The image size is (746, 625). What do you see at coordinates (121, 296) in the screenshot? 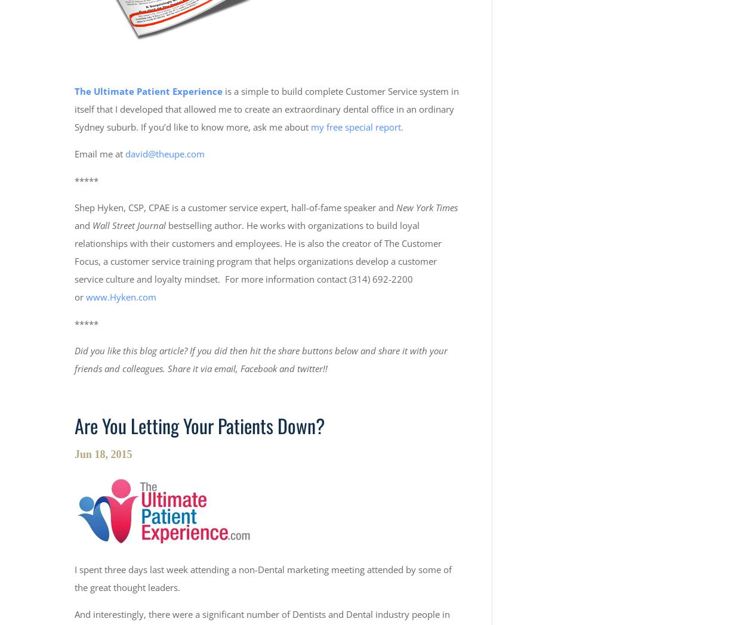
I see `'www.Hyken.com'` at bounding box center [121, 296].